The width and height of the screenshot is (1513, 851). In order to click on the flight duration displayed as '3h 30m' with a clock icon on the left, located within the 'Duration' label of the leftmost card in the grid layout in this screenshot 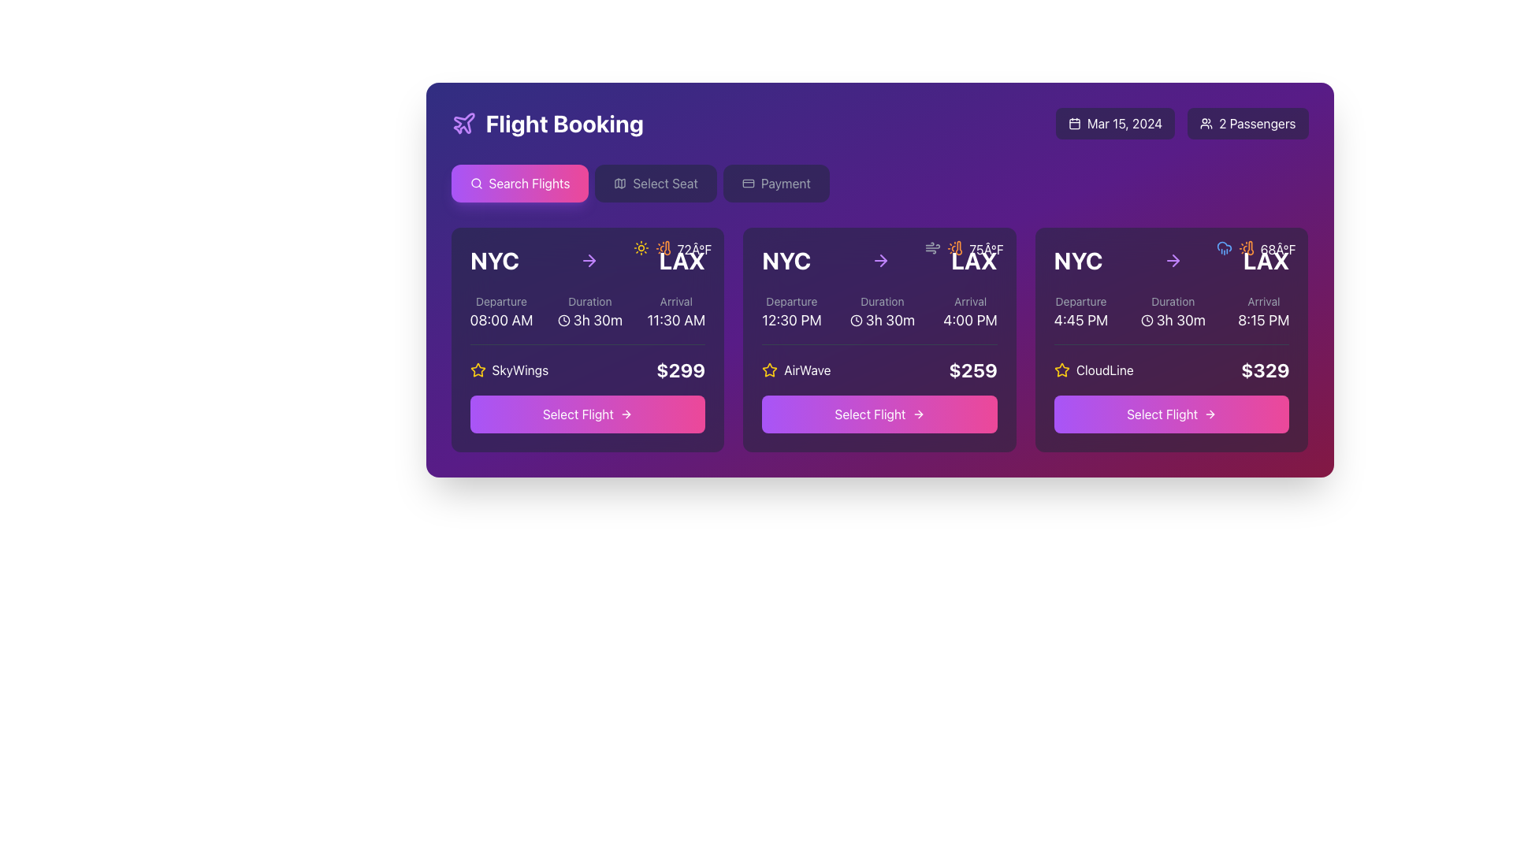, I will do `click(589, 320)`.